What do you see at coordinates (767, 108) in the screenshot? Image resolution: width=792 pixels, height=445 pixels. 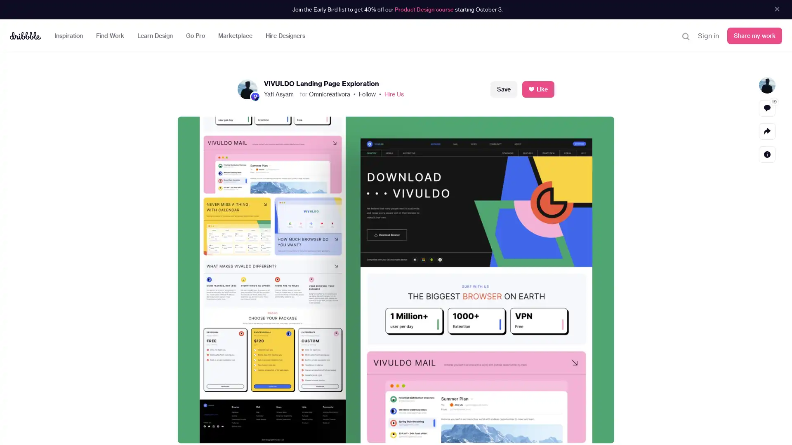 I see `View comments 19` at bounding box center [767, 108].